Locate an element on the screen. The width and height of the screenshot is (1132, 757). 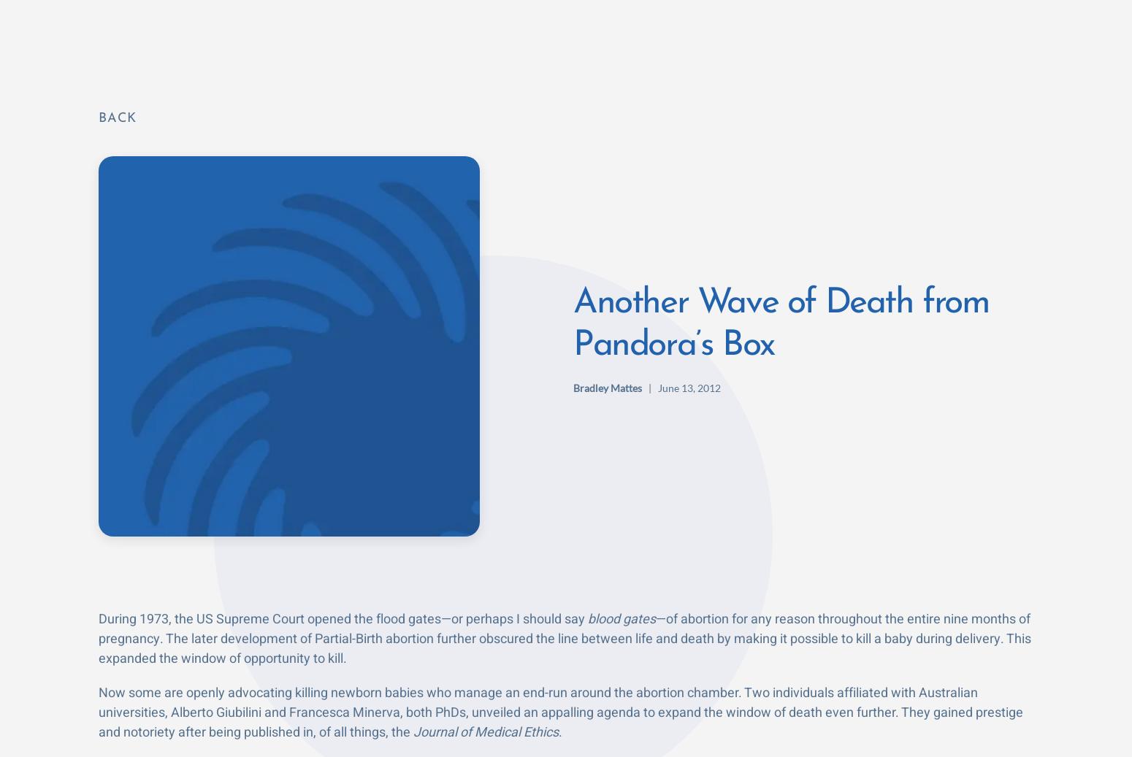
'Further, these “ethicists” give no time frame at which a born person gains this awareness and deserves to live. It’s an open-ended death sentence that would be carried out at whim by the parents and physician.' is located at coordinates (558, 211).